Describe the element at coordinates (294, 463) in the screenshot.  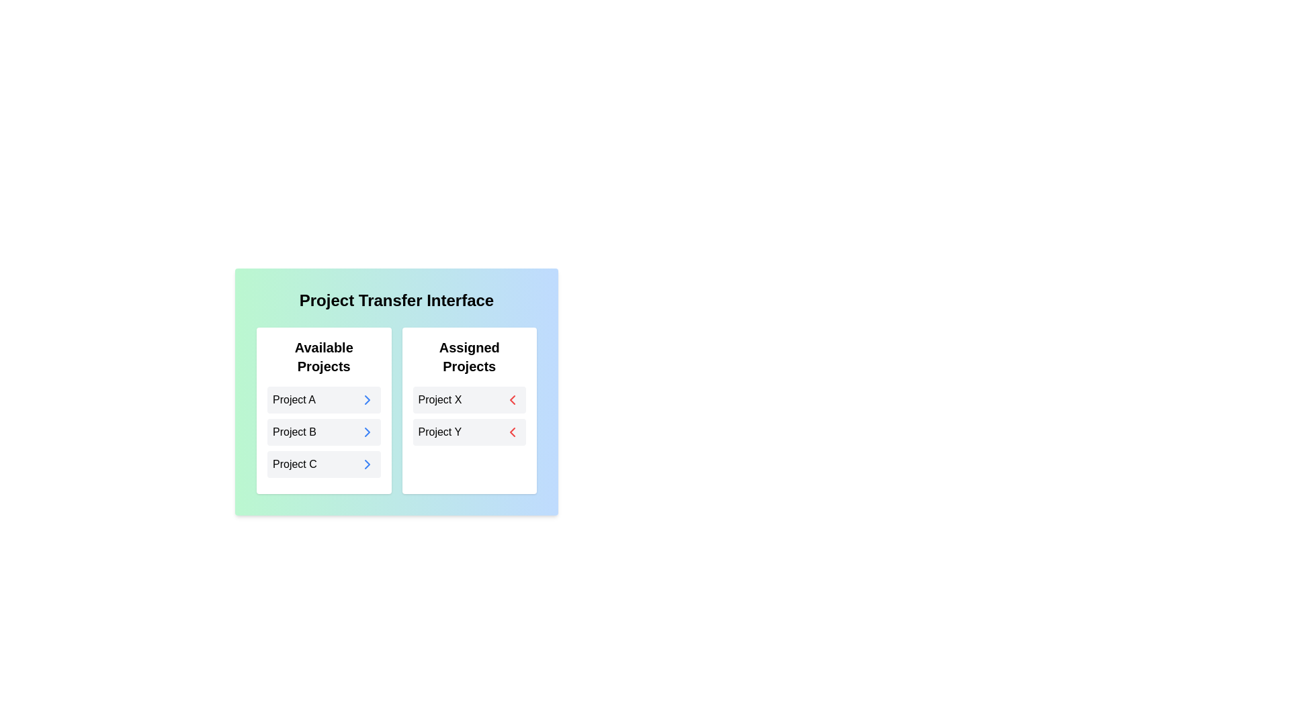
I see `the label identifying 'Project C', which is the third item in the 'Available Projects' section` at that location.